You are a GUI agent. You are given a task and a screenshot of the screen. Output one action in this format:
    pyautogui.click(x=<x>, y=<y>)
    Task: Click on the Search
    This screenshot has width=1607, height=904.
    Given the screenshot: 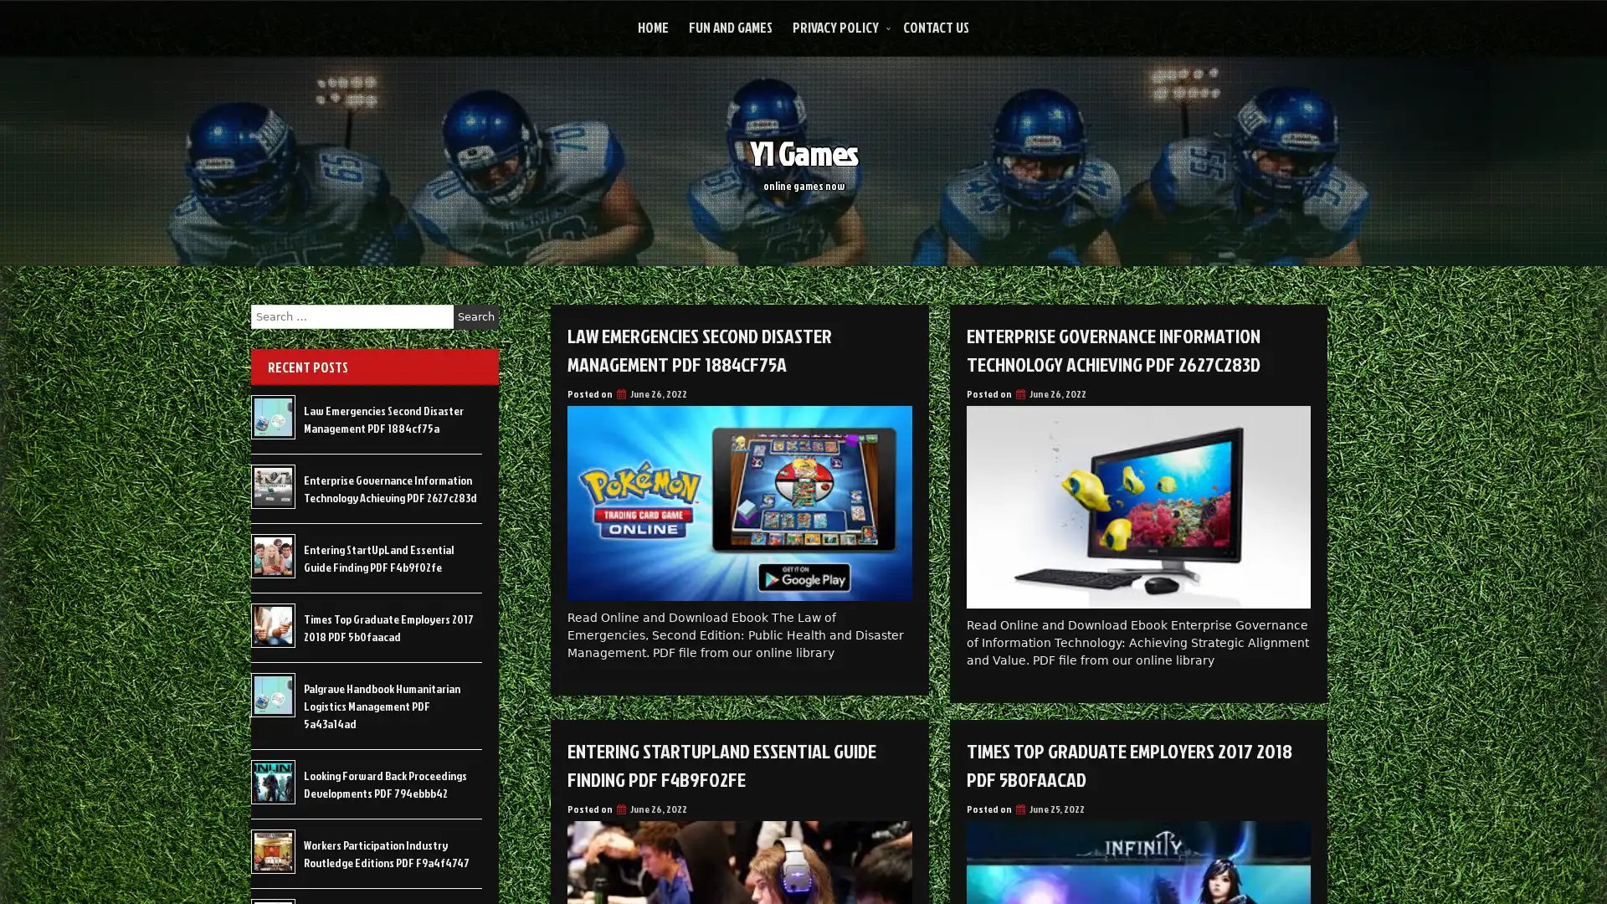 What is the action you would take?
    pyautogui.click(x=475, y=316)
    